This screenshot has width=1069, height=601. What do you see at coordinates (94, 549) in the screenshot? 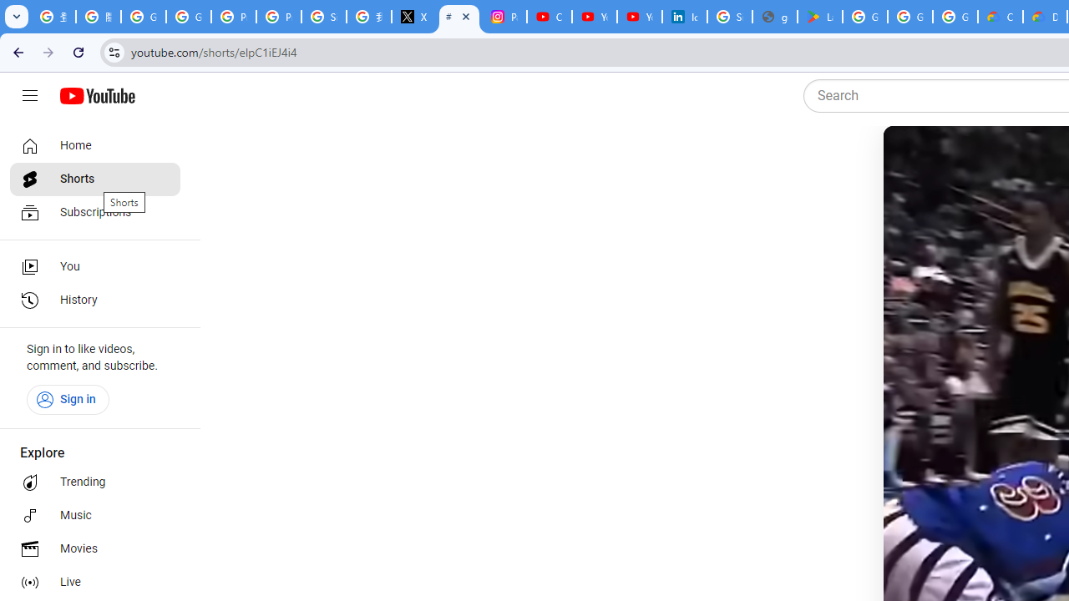
I see `'Movies'` at bounding box center [94, 549].